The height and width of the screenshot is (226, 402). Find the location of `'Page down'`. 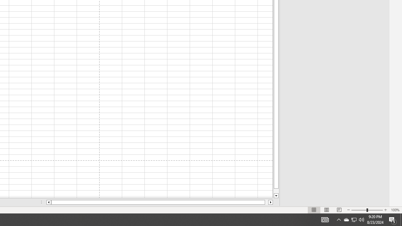

'Page down' is located at coordinates (276, 191).